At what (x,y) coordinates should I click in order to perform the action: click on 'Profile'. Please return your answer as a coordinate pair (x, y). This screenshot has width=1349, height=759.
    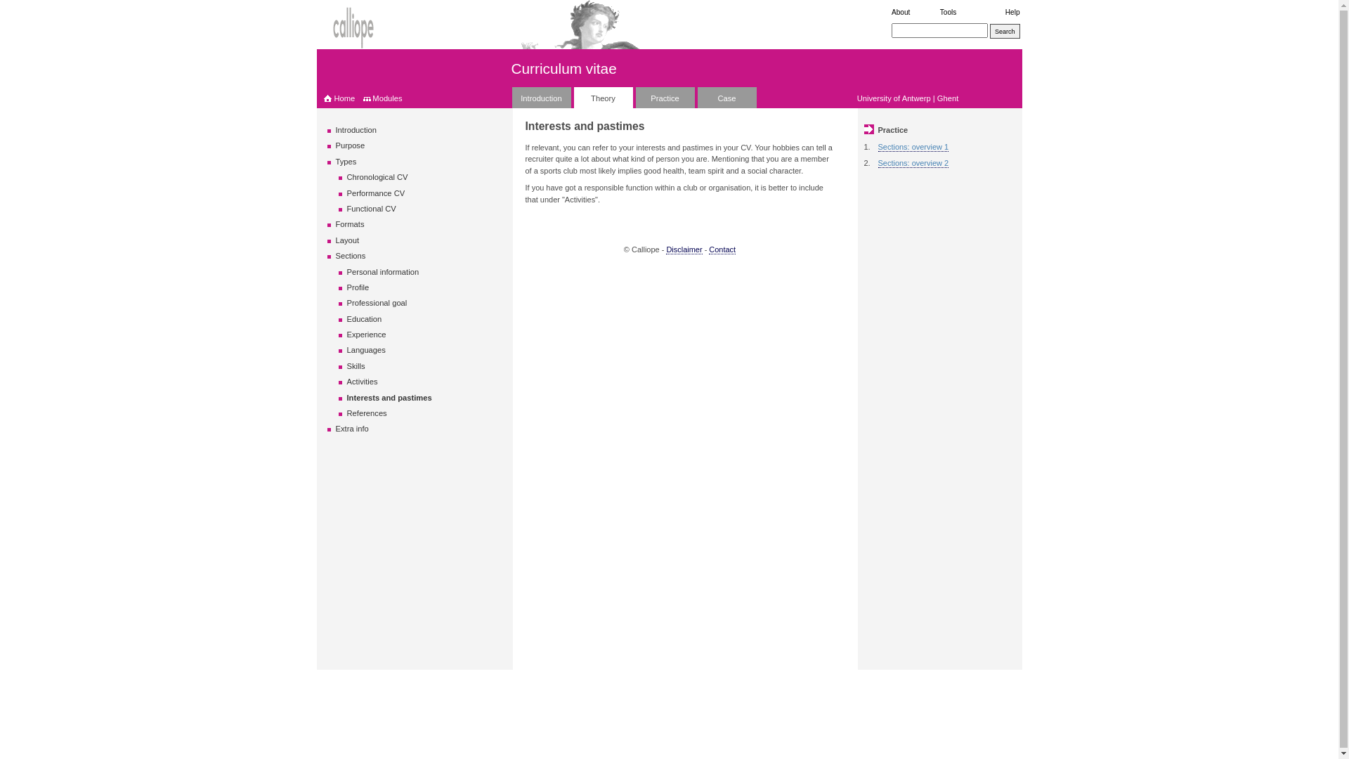
    Looking at the image, I should click on (358, 286).